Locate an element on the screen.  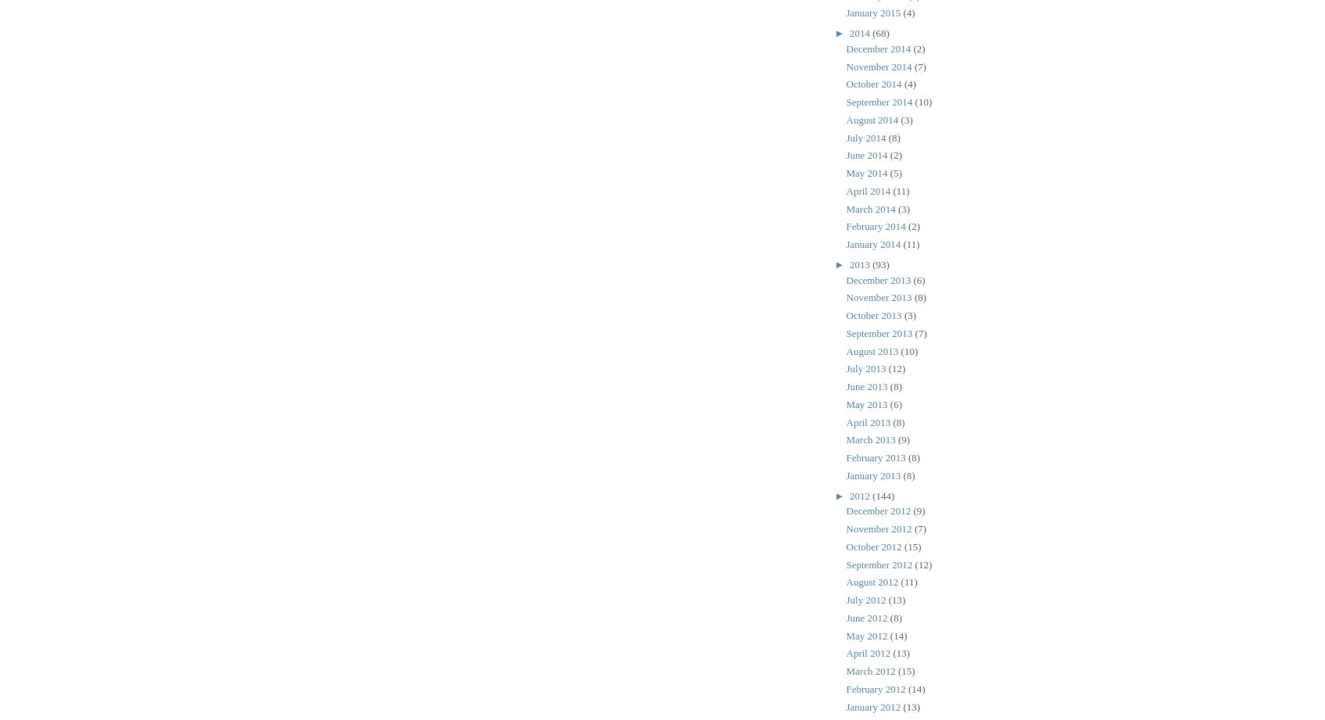
'2014' is located at coordinates (848, 33).